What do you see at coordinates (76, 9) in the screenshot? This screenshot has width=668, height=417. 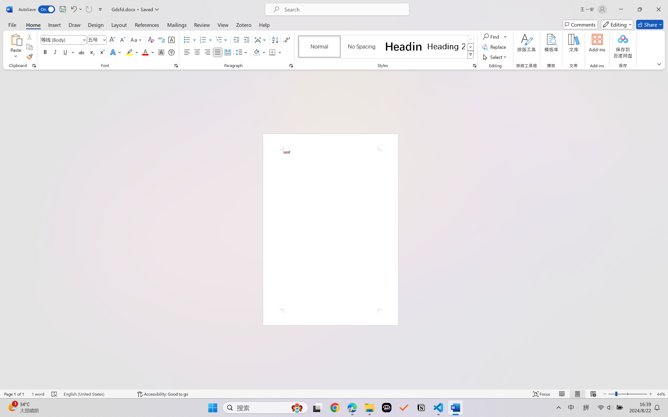 I see `'Undo Apply Quick Style'` at bounding box center [76, 9].